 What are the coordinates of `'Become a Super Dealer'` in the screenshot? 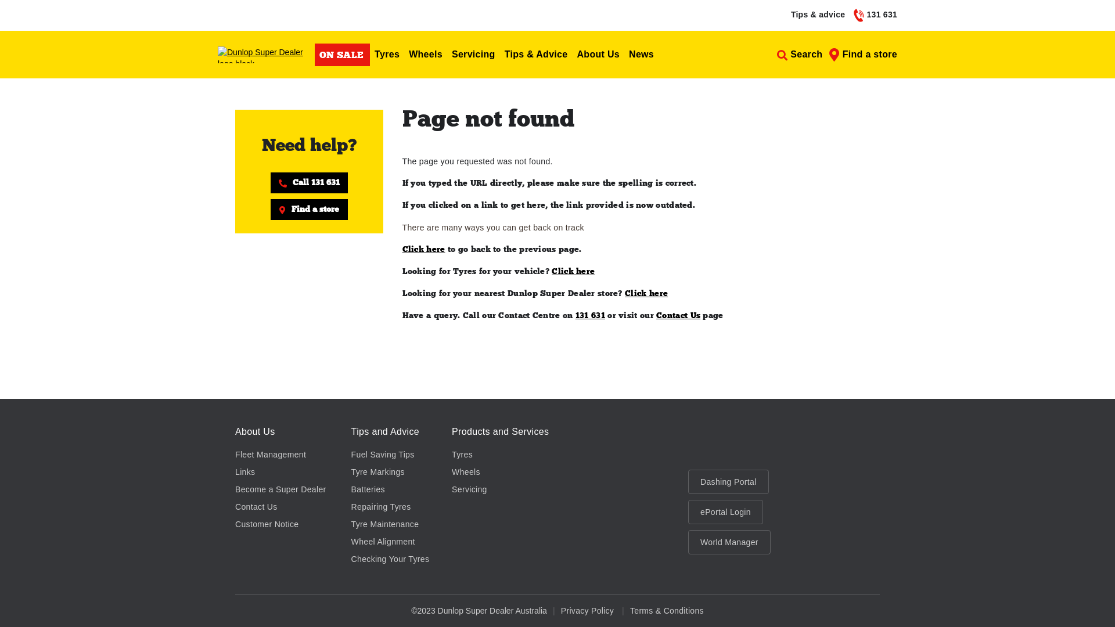 It's located at (280, 489).